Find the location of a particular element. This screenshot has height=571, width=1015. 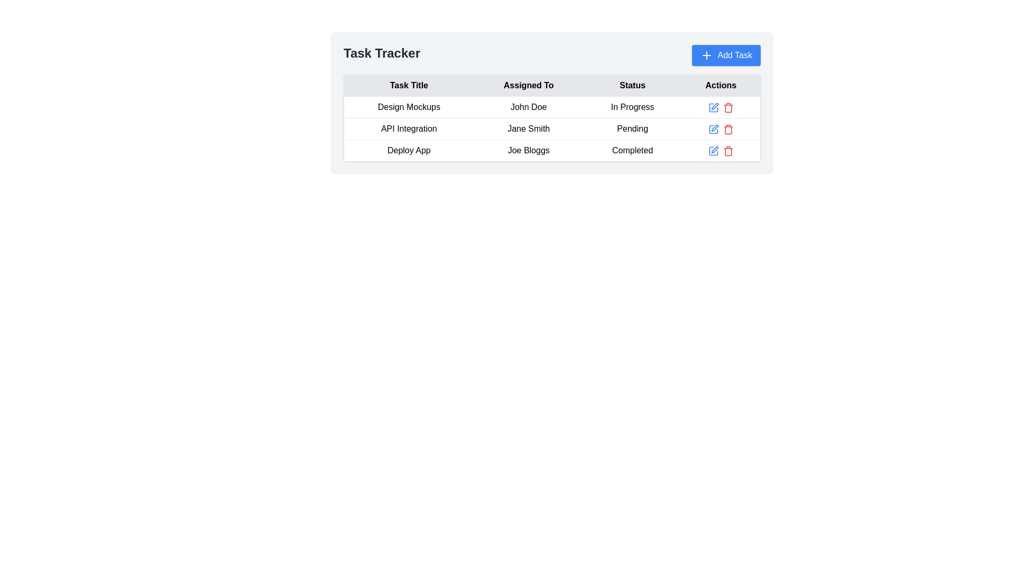

the 'Completed' text label indicating the status of the 'Deploy App' task assigned to 'Joe Bloggs' is located at coordinates (632, 151).